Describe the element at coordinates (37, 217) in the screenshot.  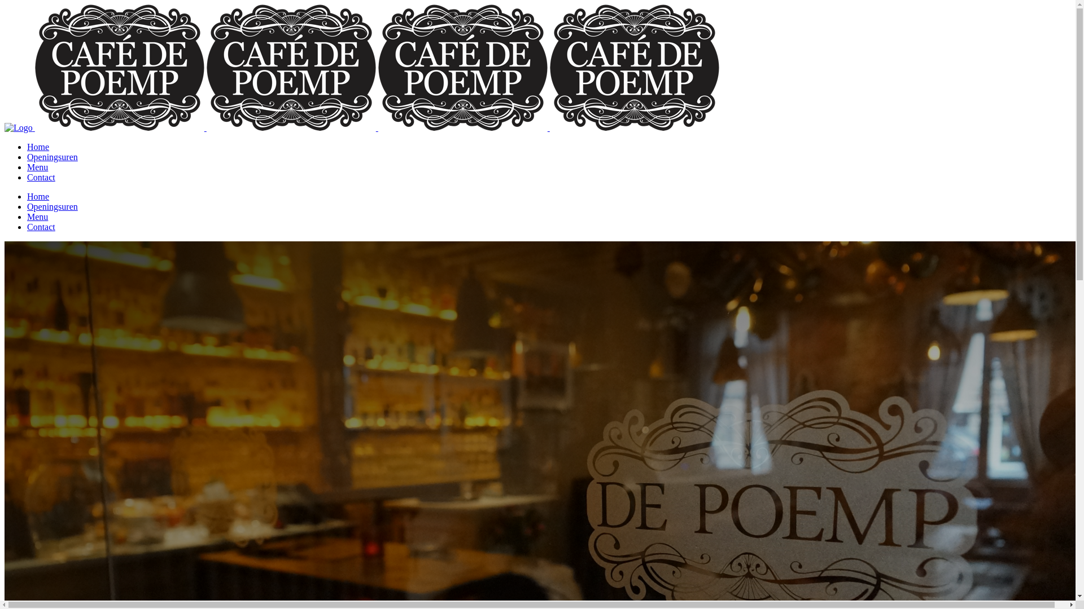
I see `'Menu'` at that location.